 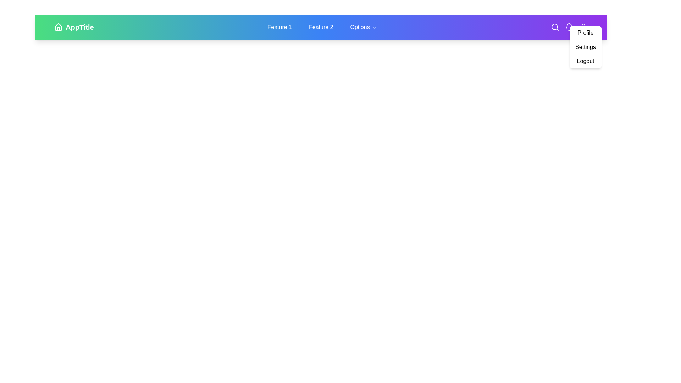 I want to click on the Bell icon to perform its action, so click(x=569, y=27).